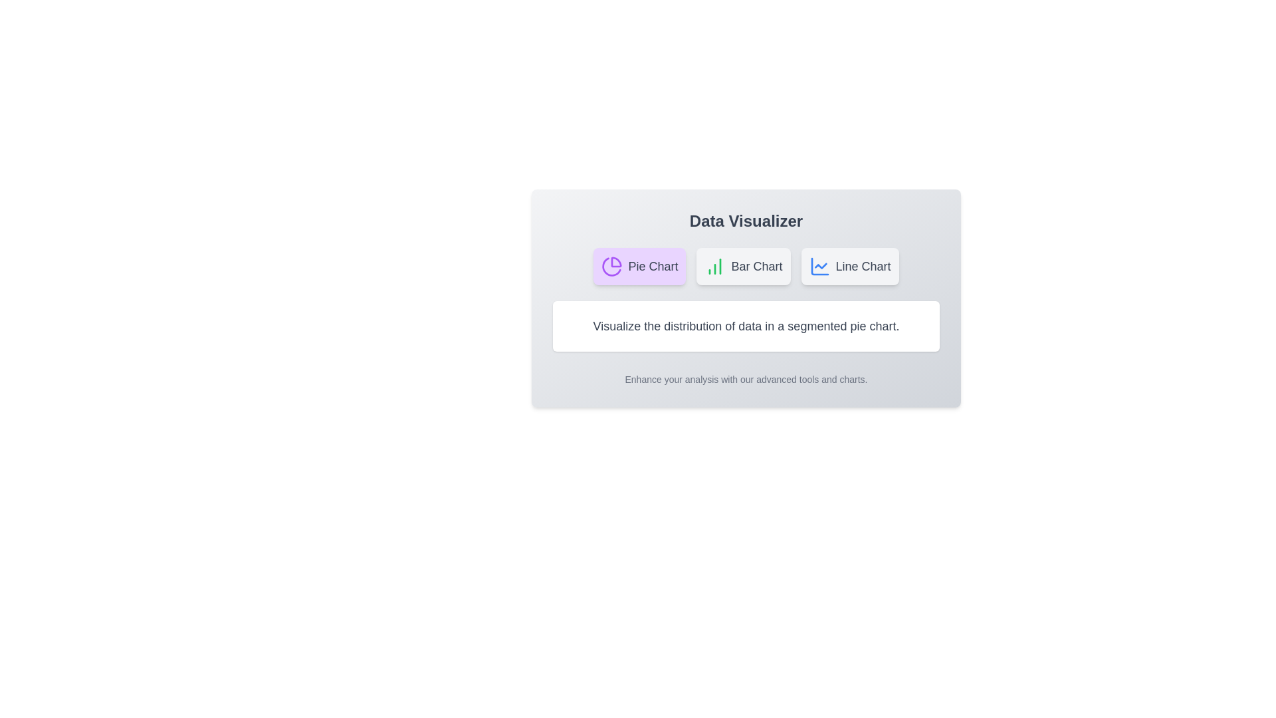 This screenshot has width=1276, height=718. I want to click on the Line Chart chart by clicking on the respective tab button, so click(849, 267).